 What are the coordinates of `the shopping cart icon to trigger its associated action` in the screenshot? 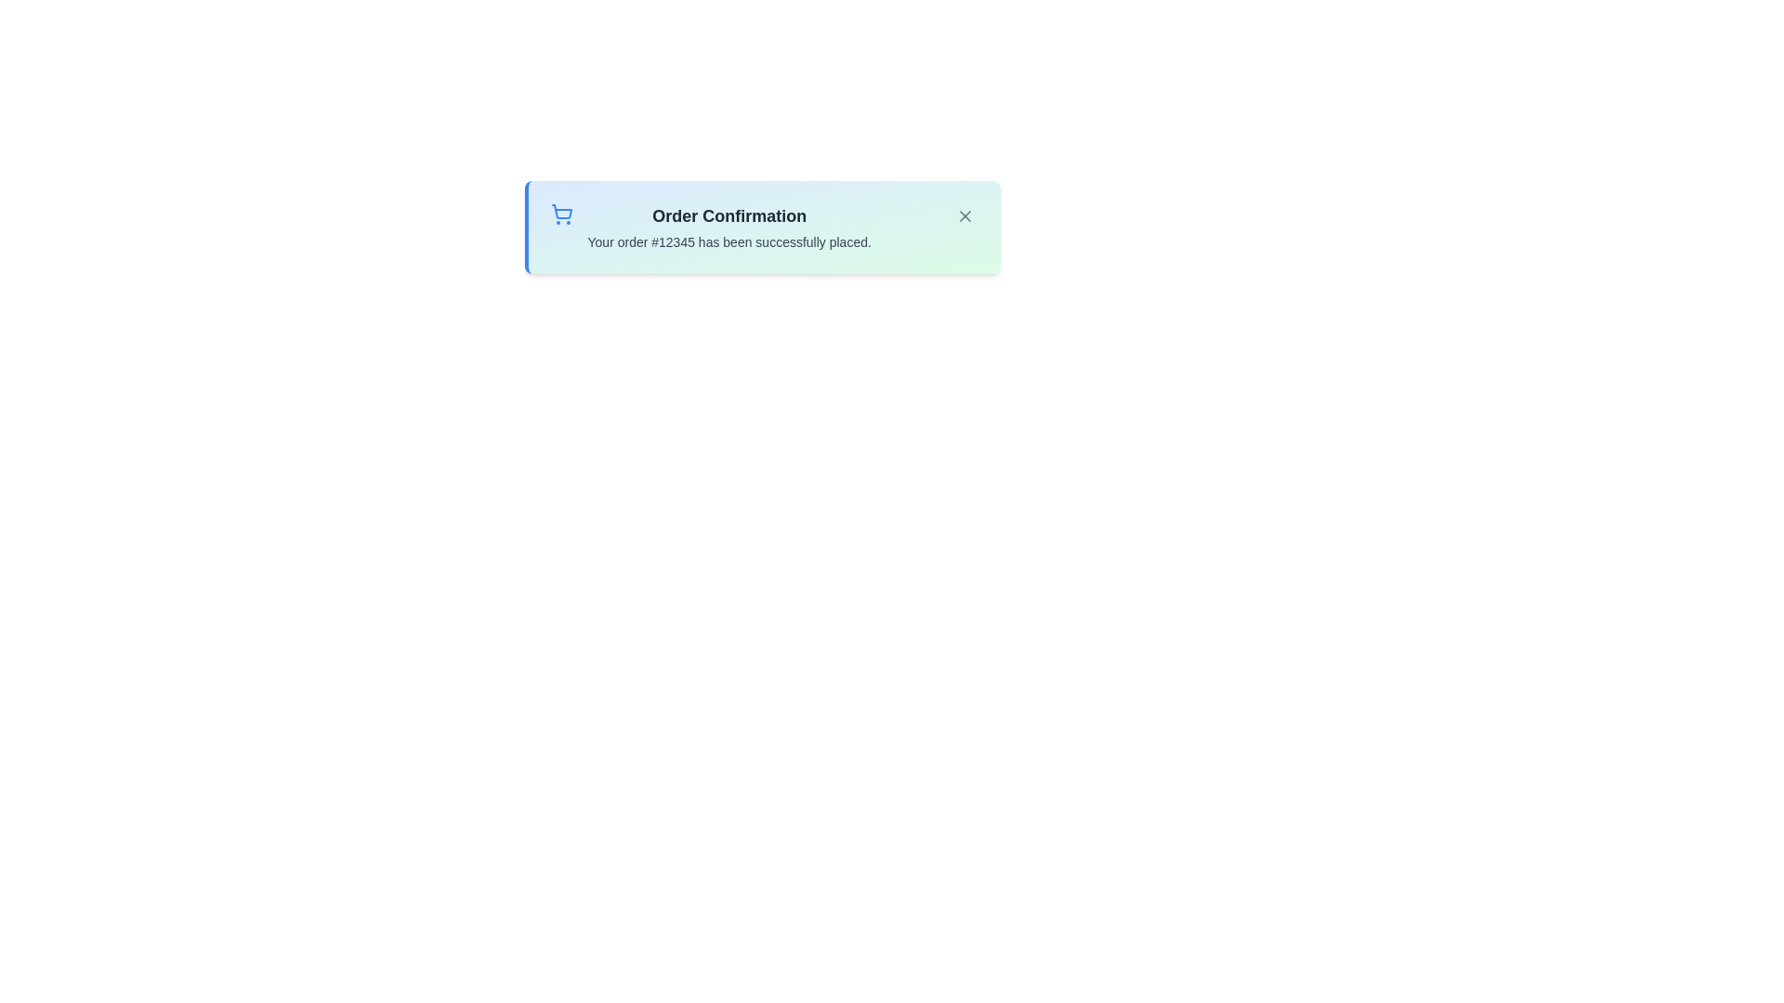 It's located at (560, 214).